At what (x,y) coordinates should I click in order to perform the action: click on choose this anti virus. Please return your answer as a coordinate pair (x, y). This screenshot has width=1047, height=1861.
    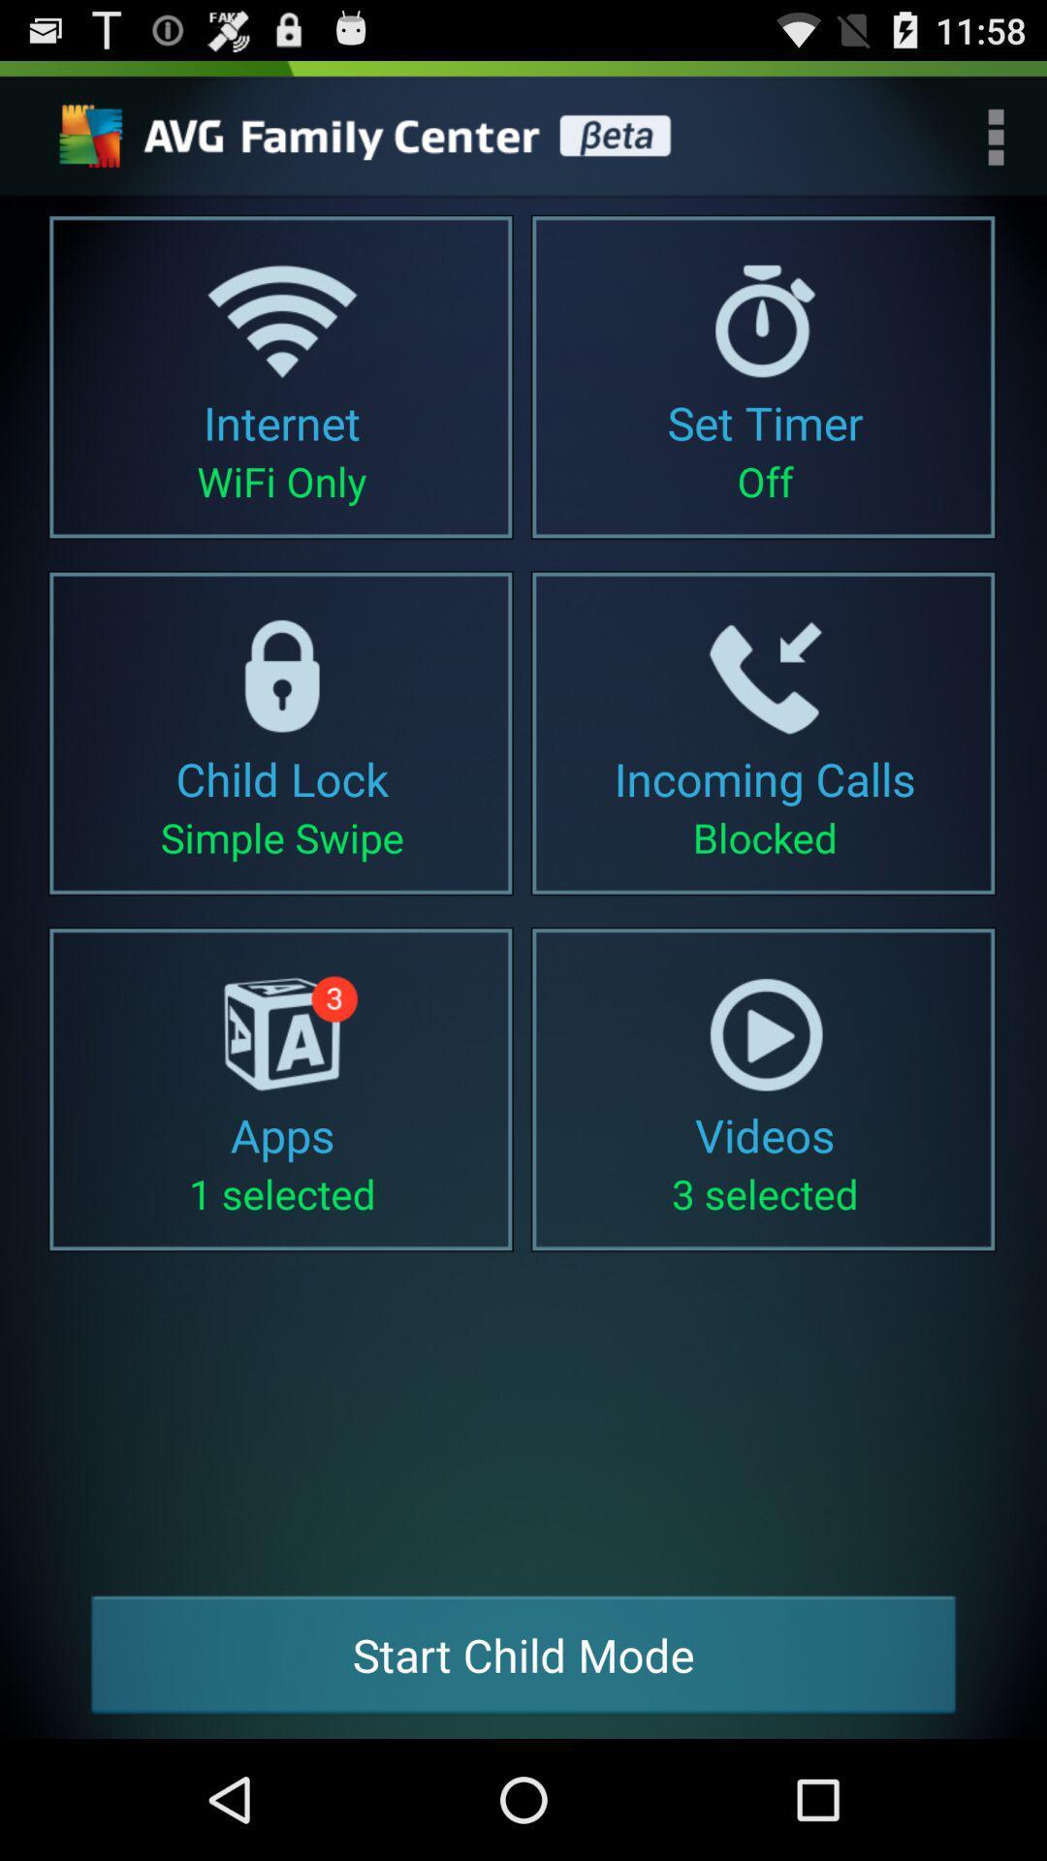
    Looking at the image, I should click on (370, 136).